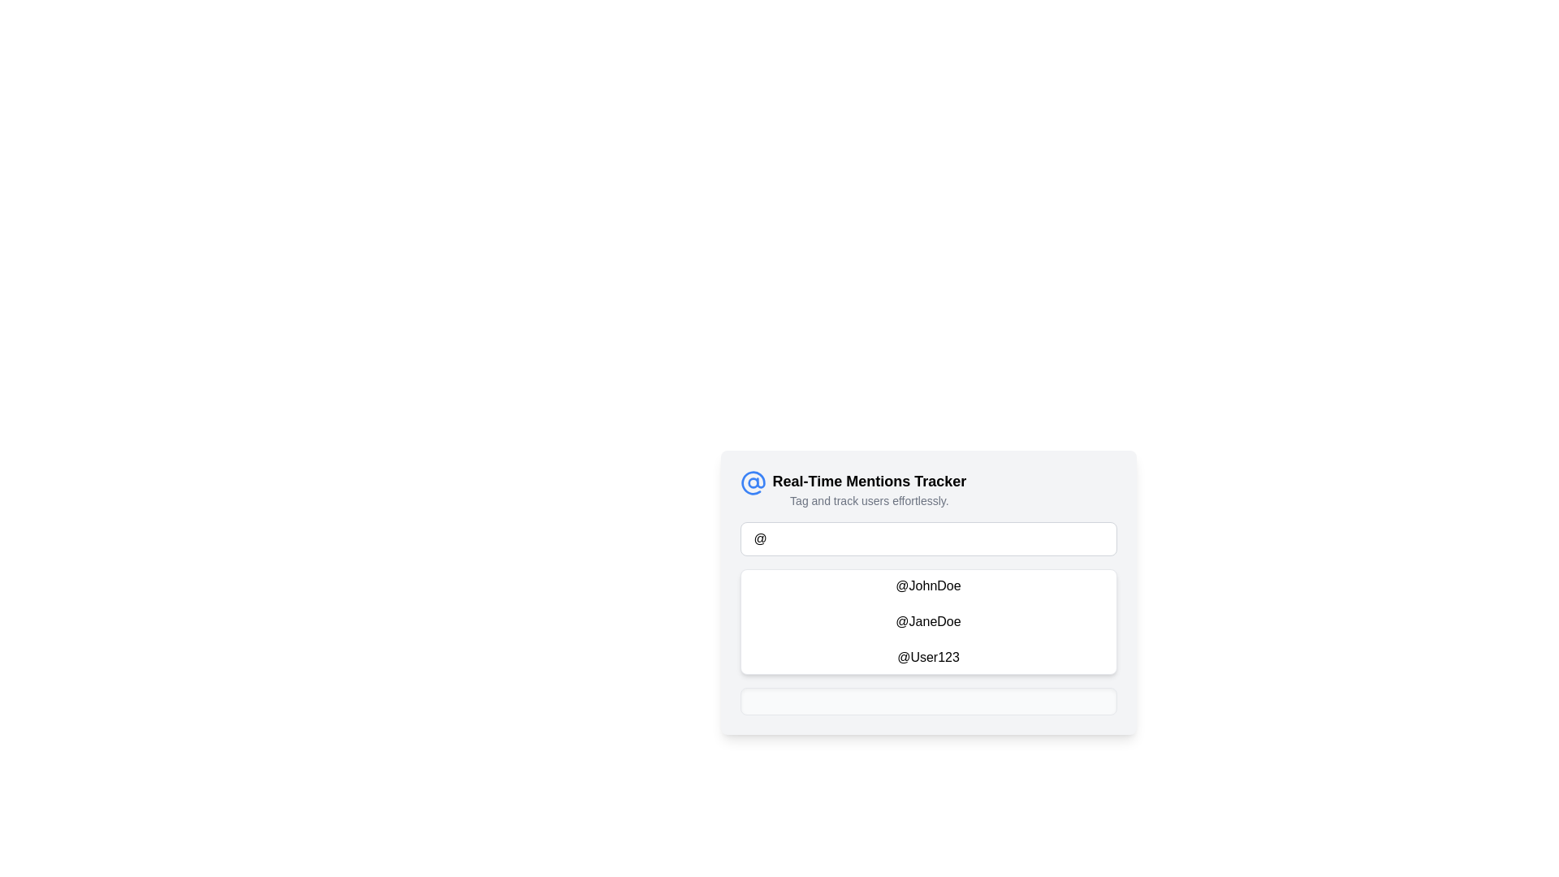  Describe the element at coordinates (928, 658) in the screenshot. I see `the text label displaying '@User123' in bold black font` at that location.